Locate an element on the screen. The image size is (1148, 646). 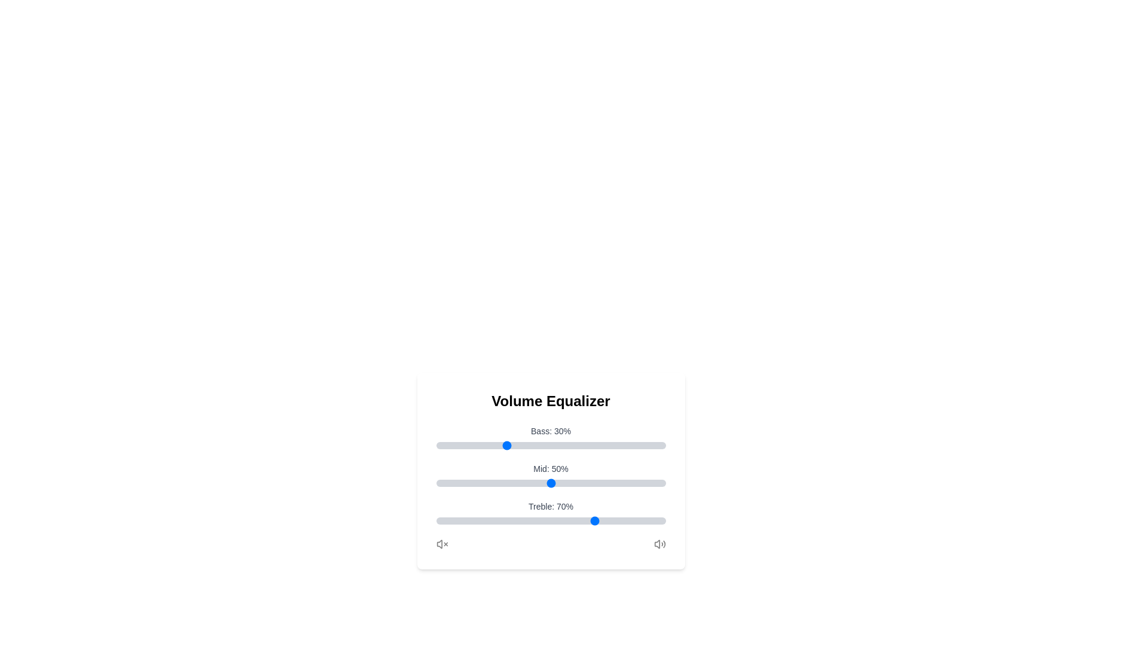
the Bass slider to set its value to 5 is located at coordinates (447, 445).